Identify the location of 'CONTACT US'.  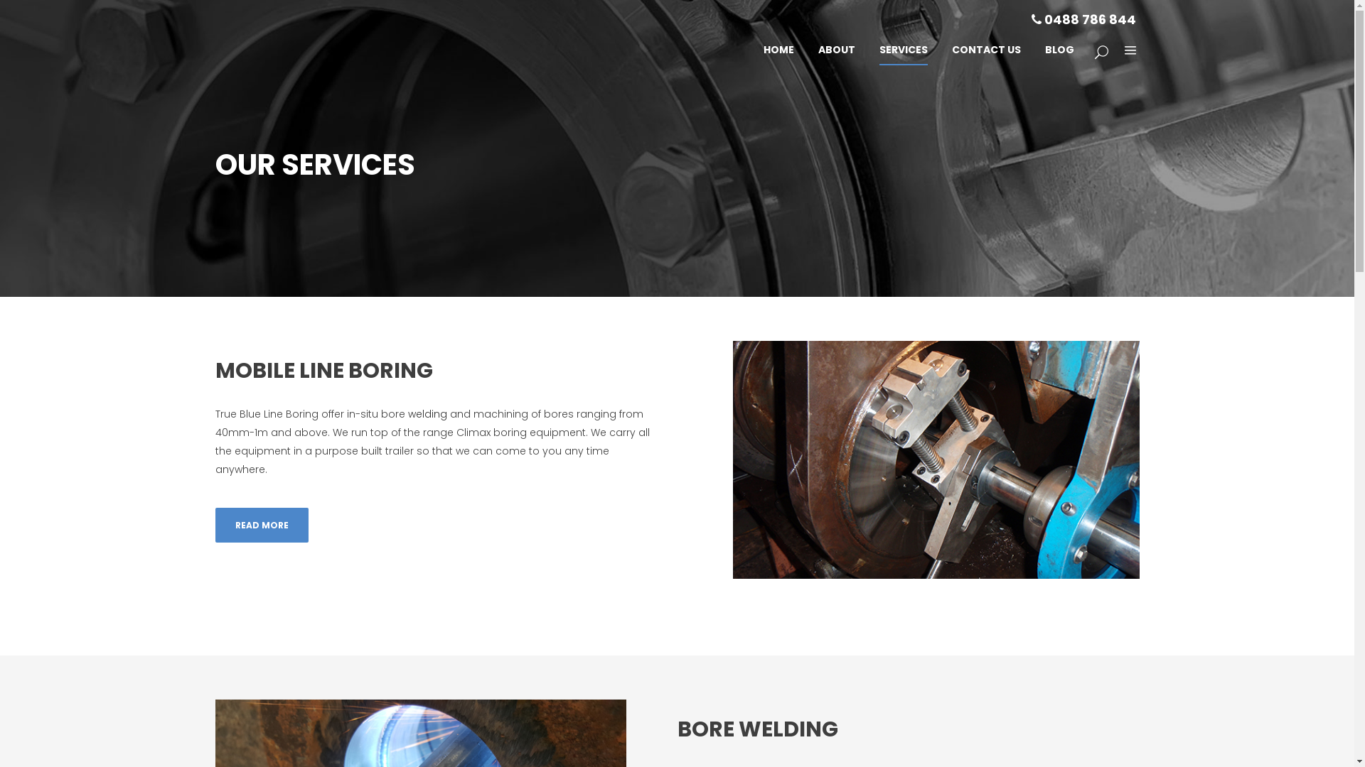
(985, 48).